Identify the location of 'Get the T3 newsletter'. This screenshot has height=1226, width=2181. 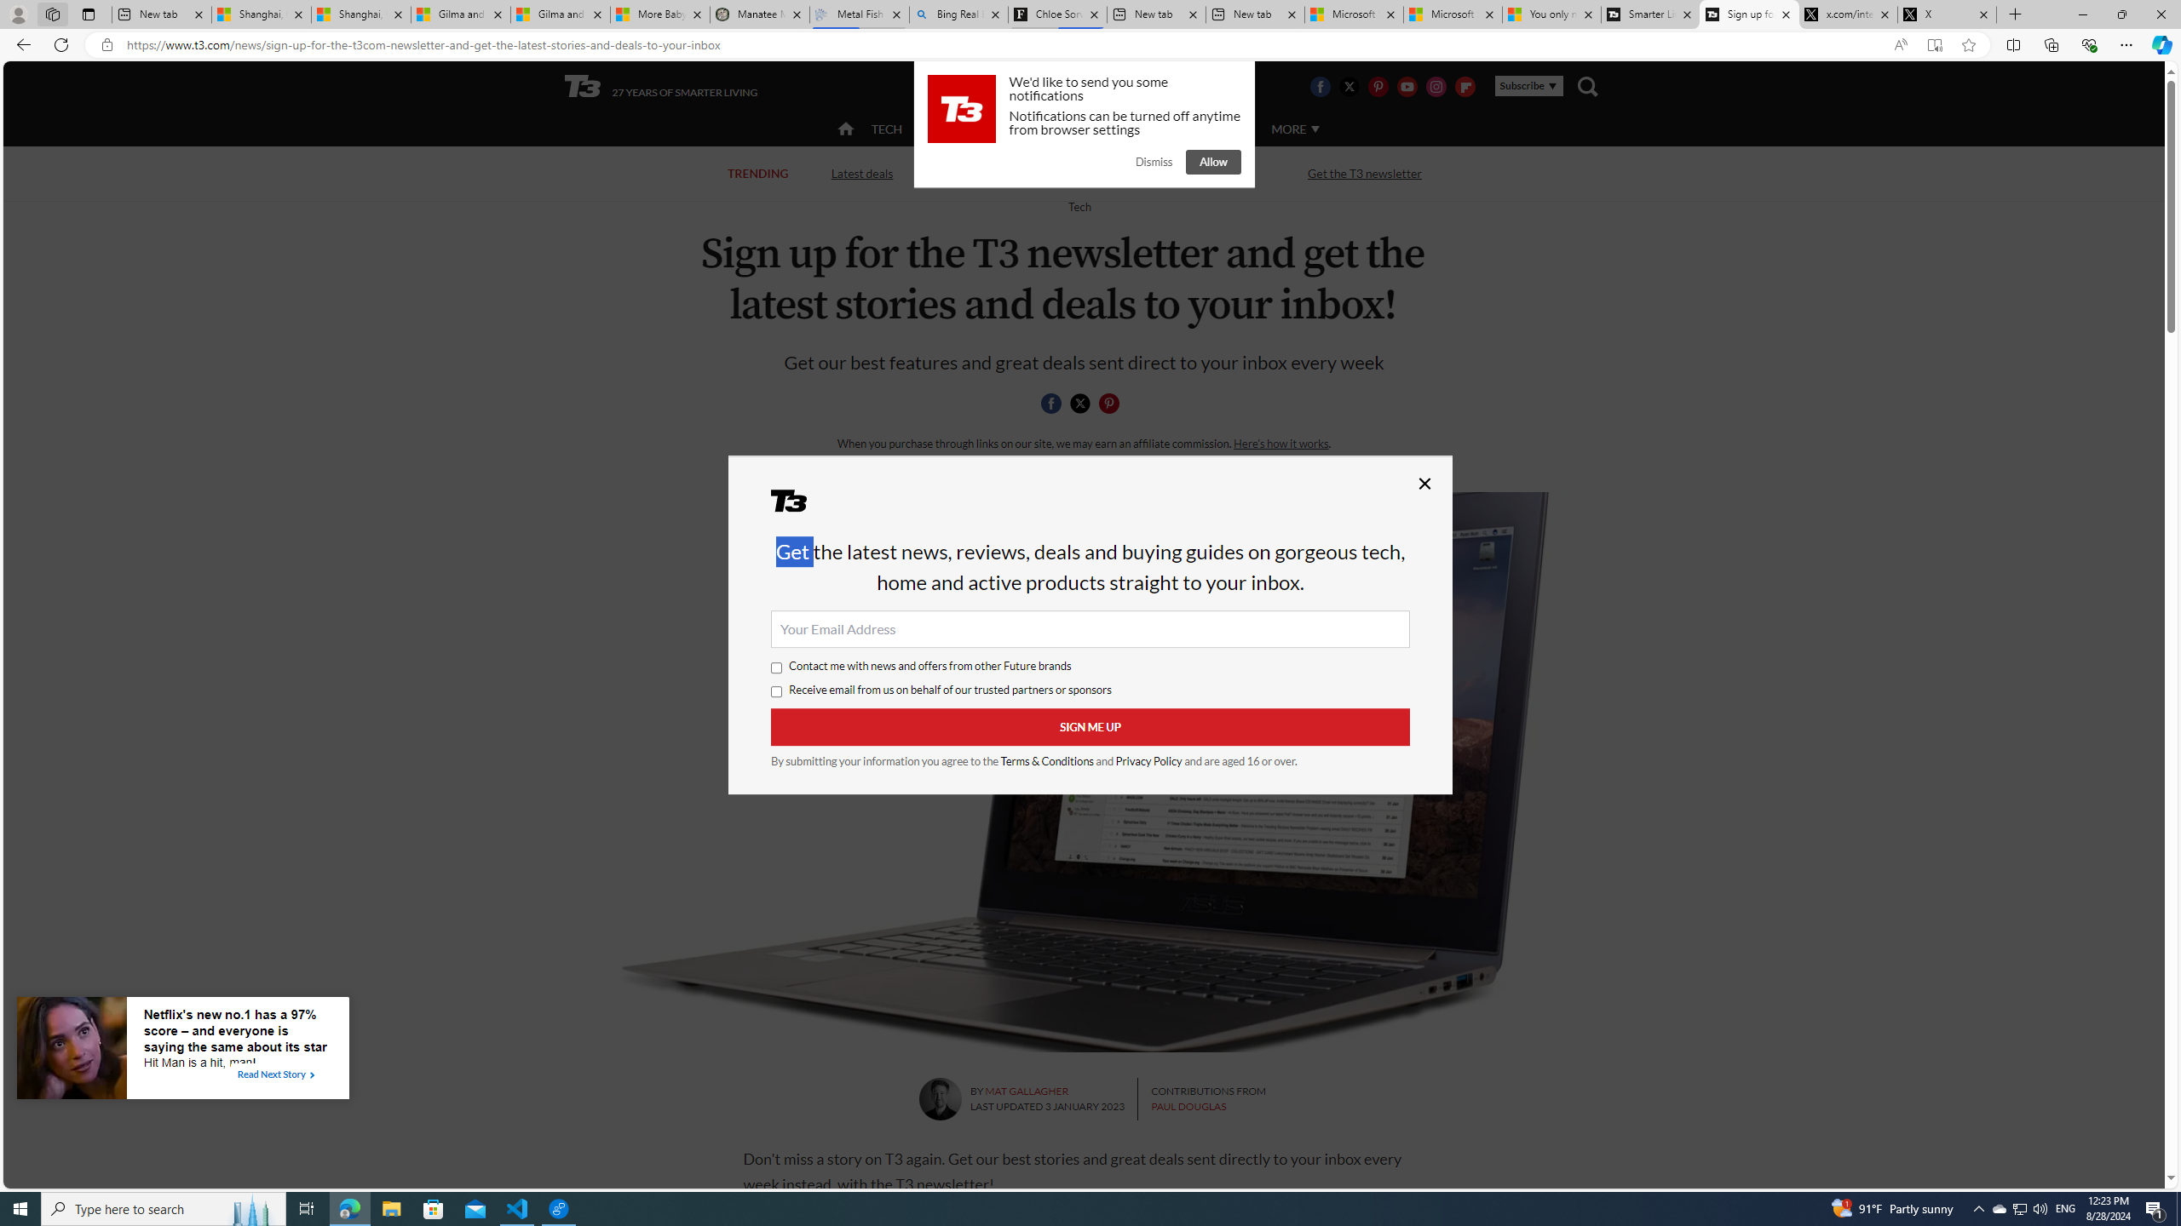
(1365, 172).